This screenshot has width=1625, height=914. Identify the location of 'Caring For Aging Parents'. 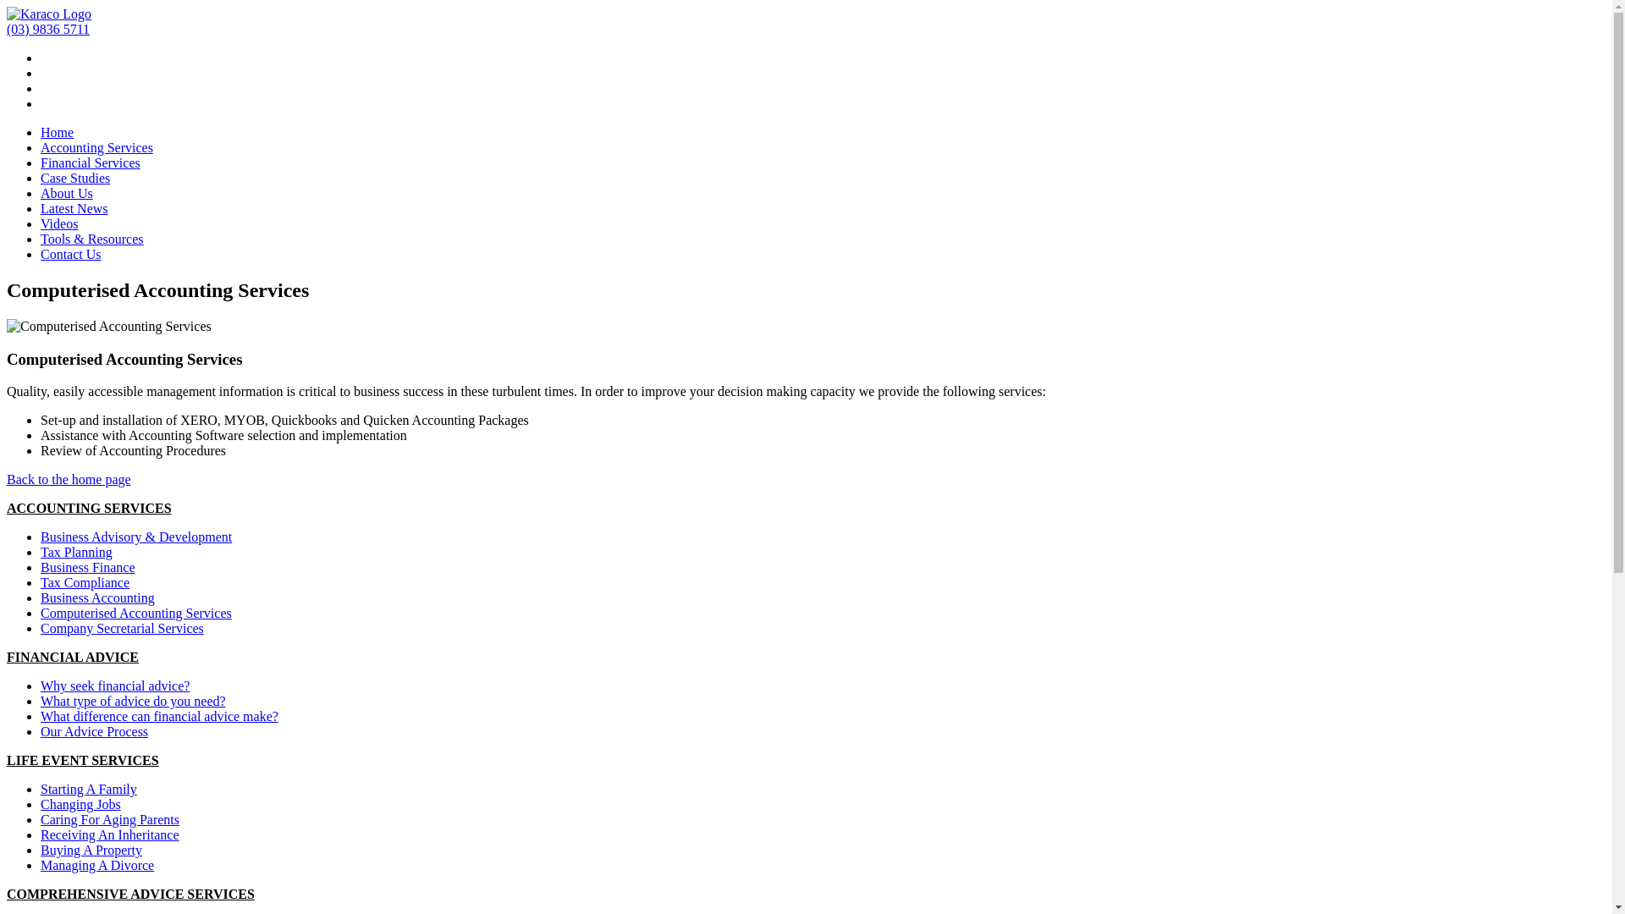
(108, 818).